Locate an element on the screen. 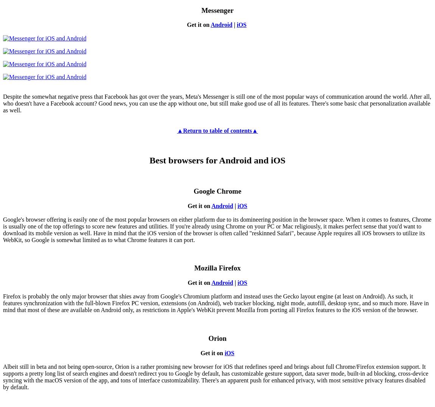 Image resolution: width=435 pixels, height=407 pixels. 'Google's browser offering is easily one of the most popular browsers on either platform due to its domineering position in the browser space. When it comes to features, Chrome is usually one of the top offerings to score new features and utilities. If you're already using Chrome on your PC or Mac religiously, it makes perfect sense that you'd want to download its mobile version as well. Have in mind that the iOS version of the browser is often called "reskinned Safari", because Apple requires all iOS browsers to utilize its WebKit, so Google is somewhat limited as to what Chrome features it can port.' is located at coordinates (217, 229).